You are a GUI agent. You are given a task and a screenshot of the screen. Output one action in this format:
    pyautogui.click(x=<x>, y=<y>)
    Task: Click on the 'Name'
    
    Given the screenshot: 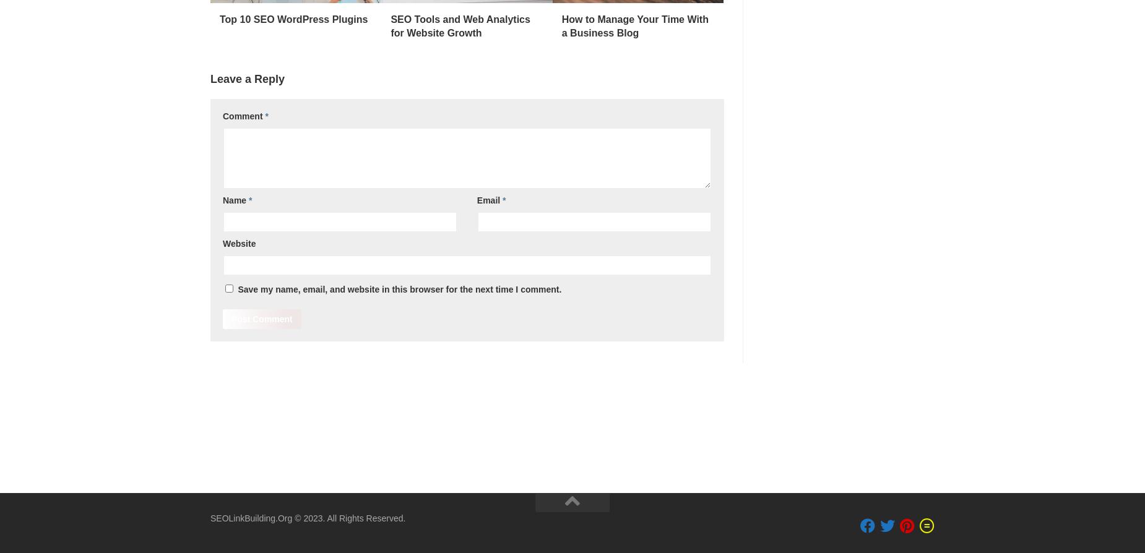 What is the action you would take?
    pyautogui.click(x=235, y=199)
    